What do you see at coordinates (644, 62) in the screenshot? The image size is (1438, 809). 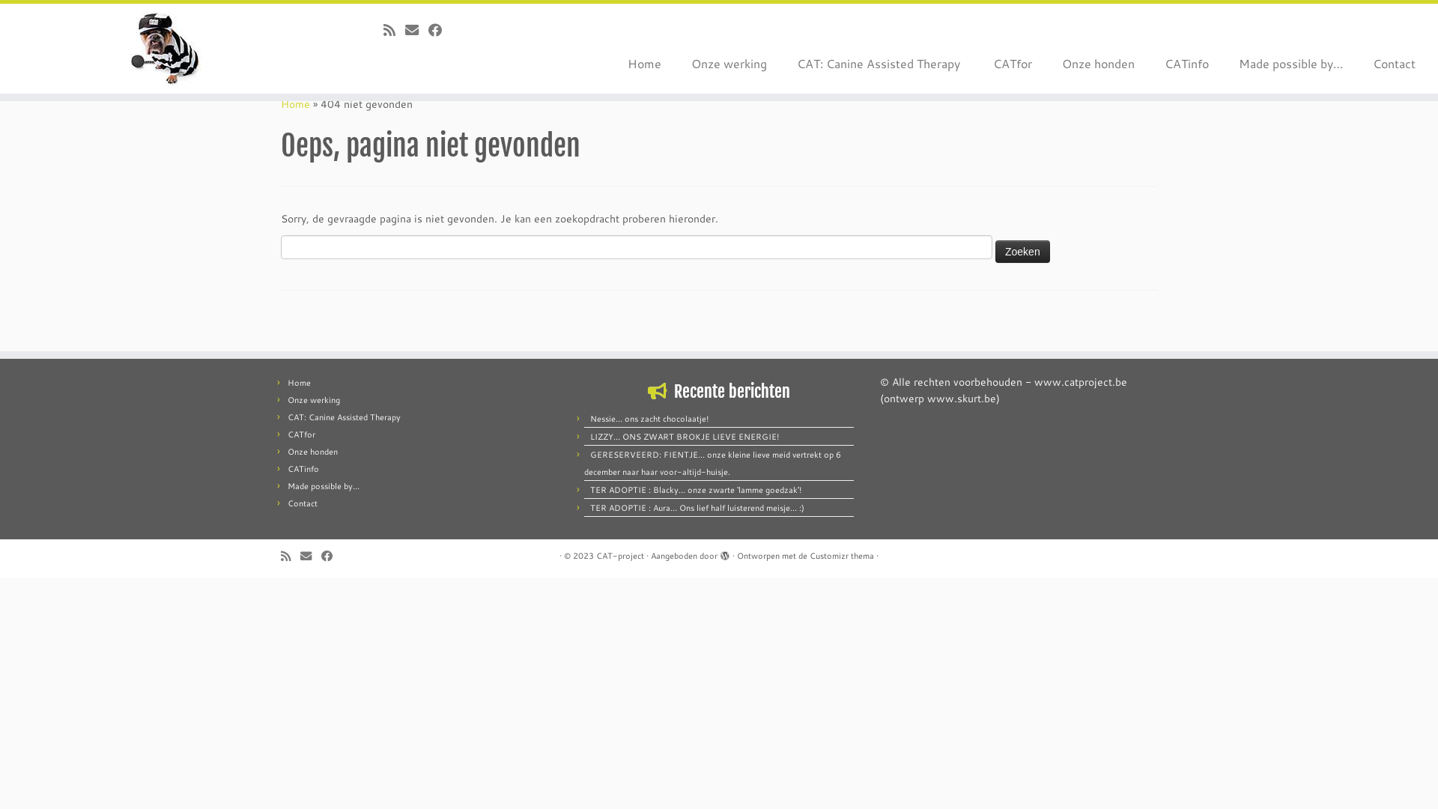 I see `'Home'` at bounding box center [644, 62].